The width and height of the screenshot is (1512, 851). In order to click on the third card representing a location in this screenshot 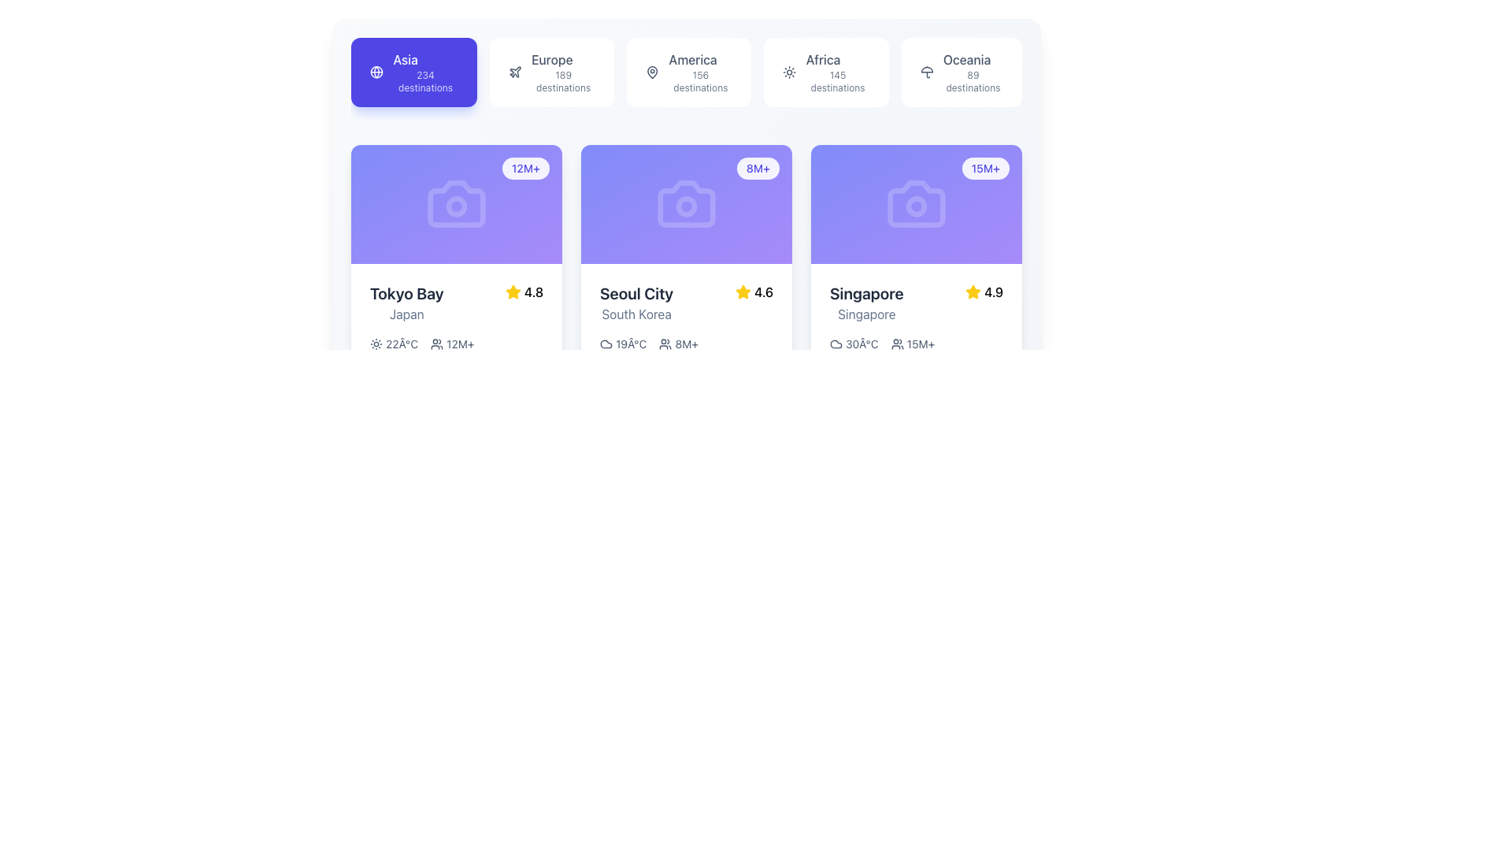, I will do `click(916, 308)`.